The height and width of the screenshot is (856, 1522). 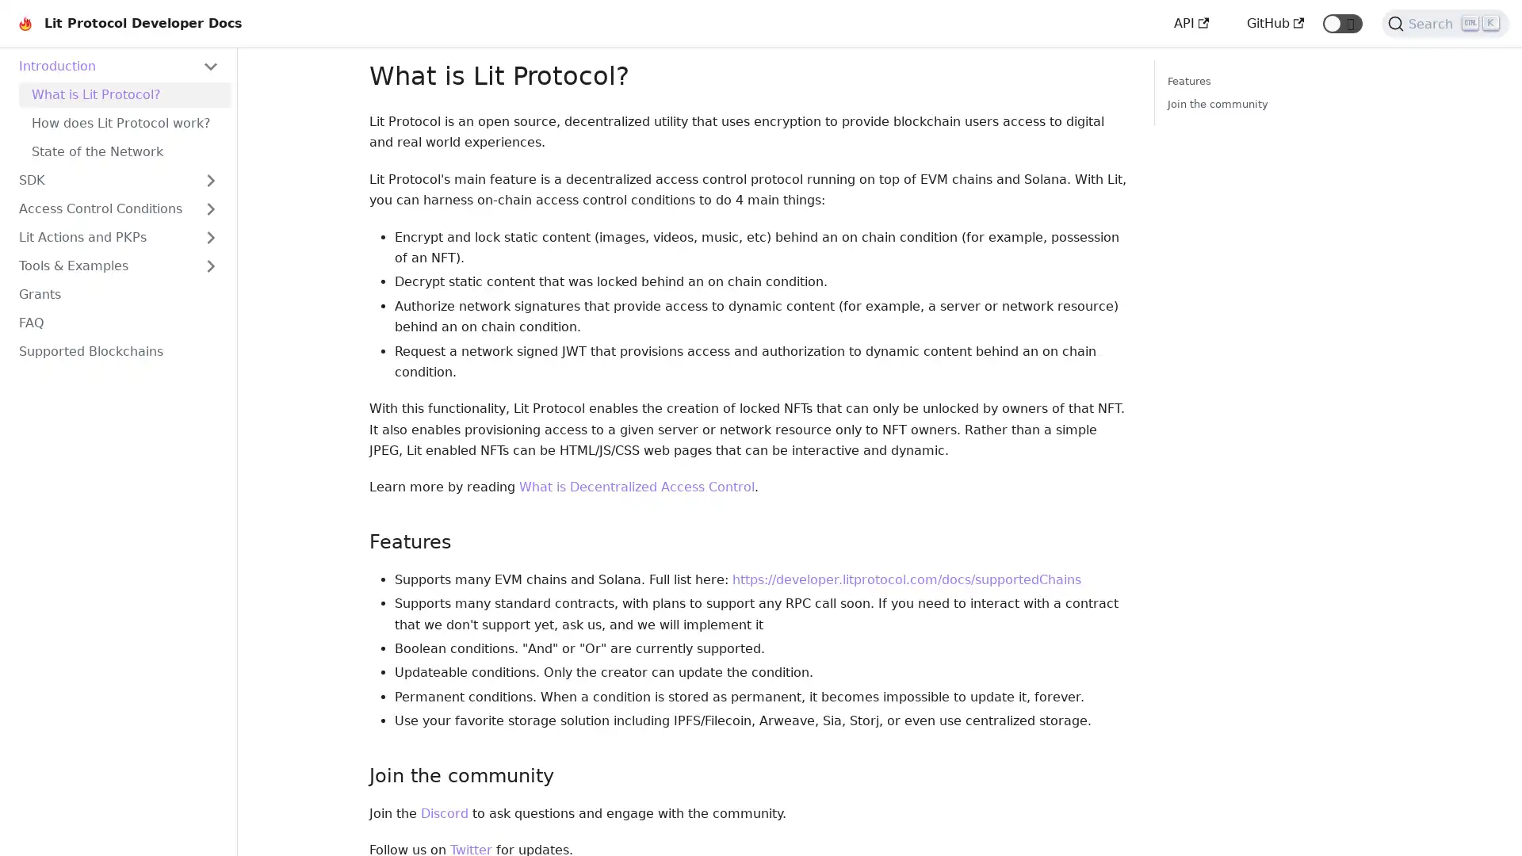 What do you see at coordinates (1445, 24) in the screenshot?
I see `Search` at bounding box center [1445, 24].